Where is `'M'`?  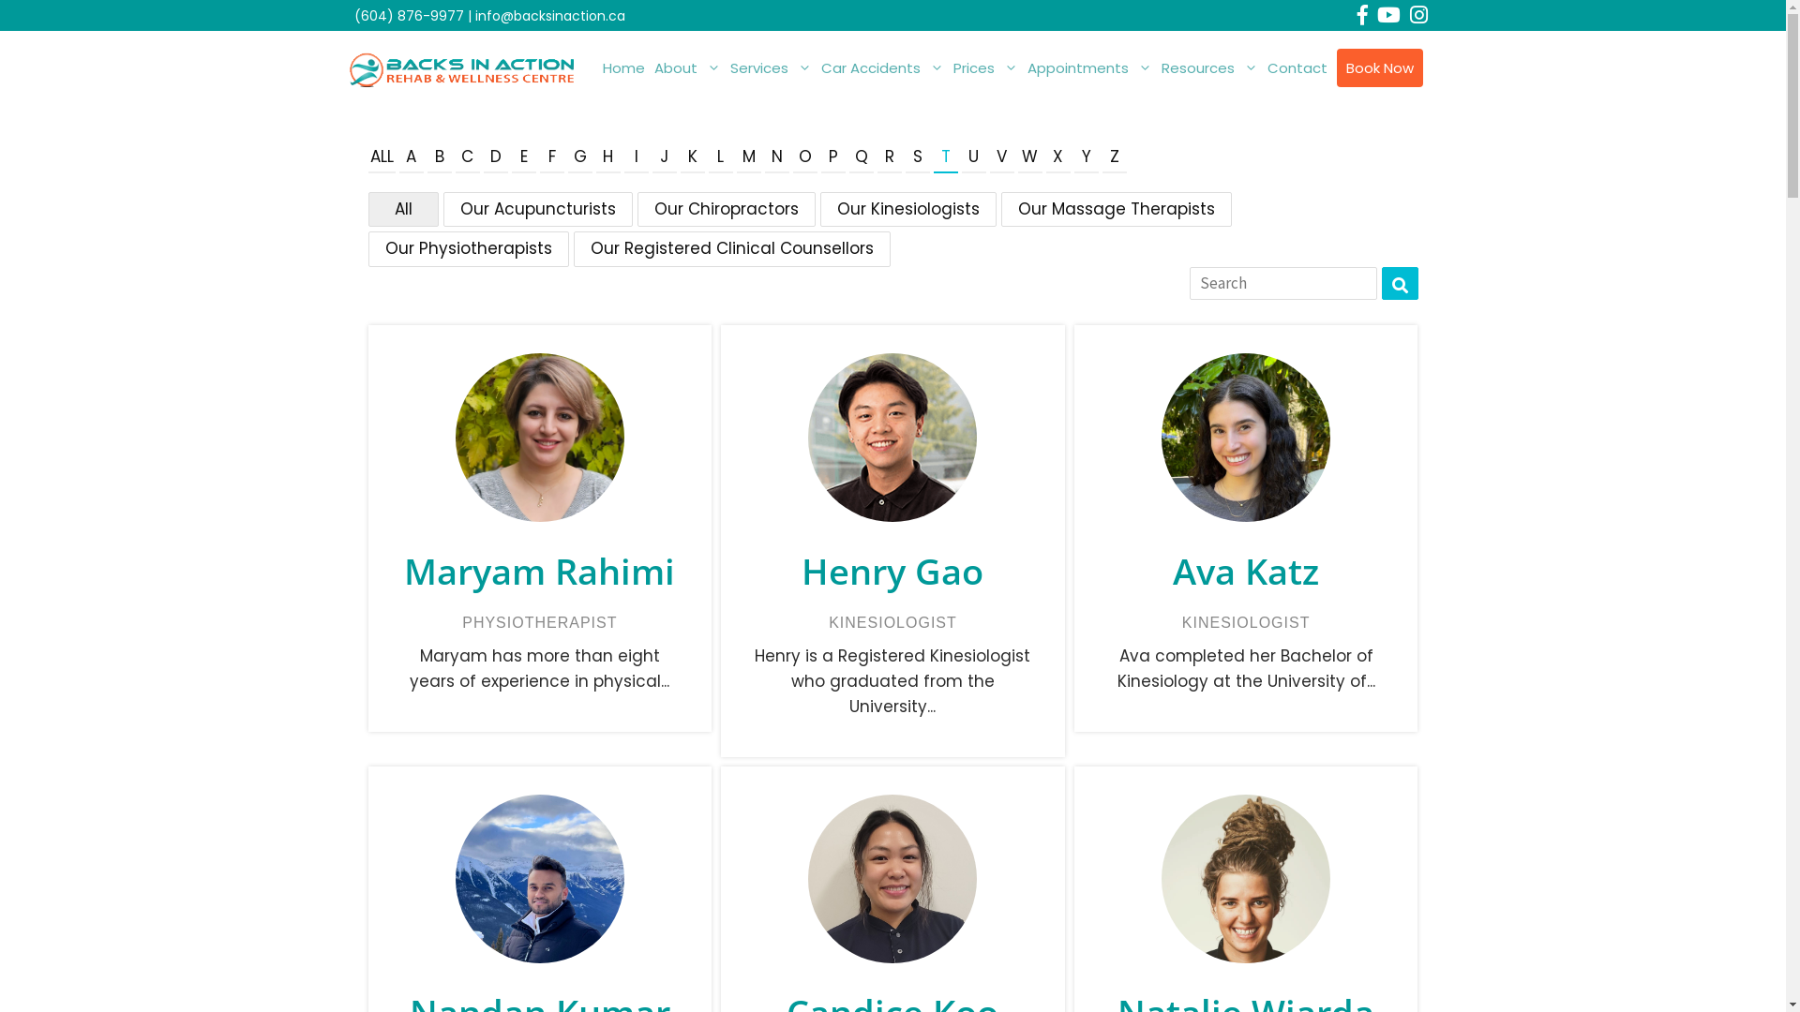 'M' is located at coordinates (747, 157).